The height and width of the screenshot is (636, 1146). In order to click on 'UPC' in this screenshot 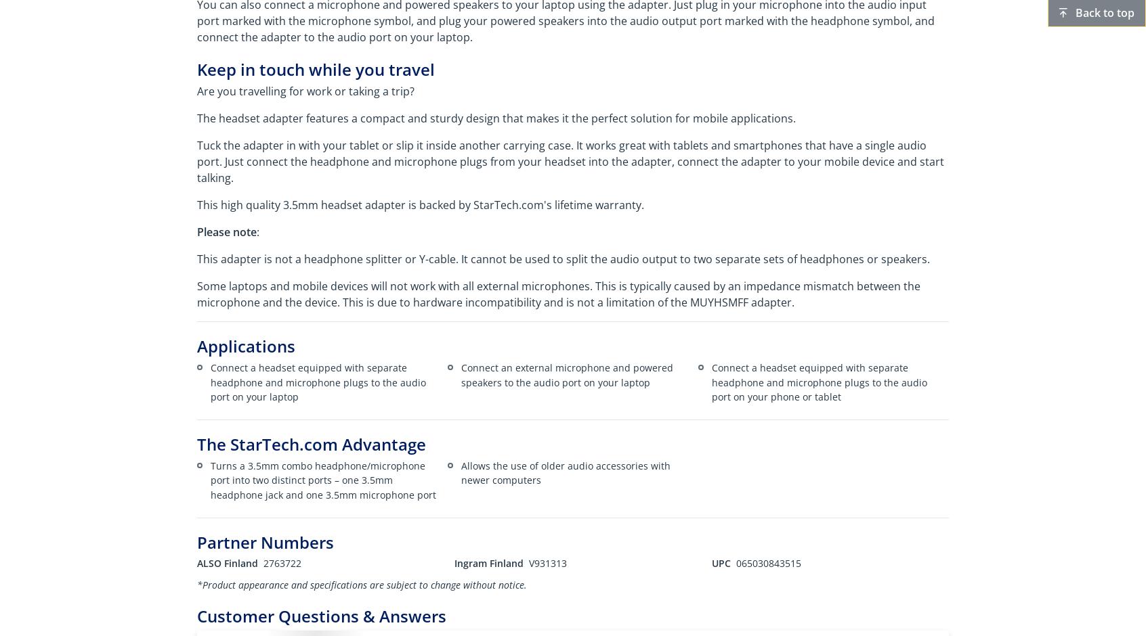, I will do `click(721, 562)`.